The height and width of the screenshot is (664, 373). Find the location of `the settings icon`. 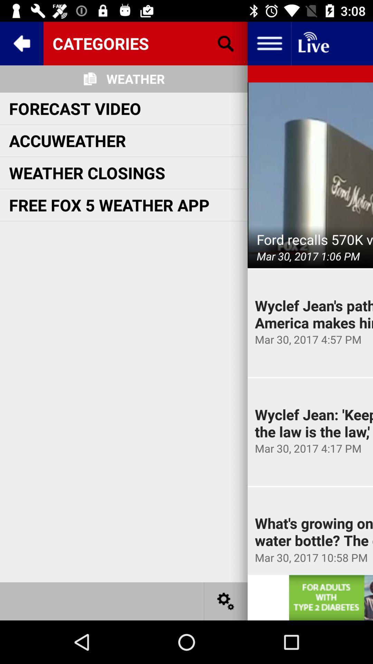

the settings icon is located at coordinates (226, 601).